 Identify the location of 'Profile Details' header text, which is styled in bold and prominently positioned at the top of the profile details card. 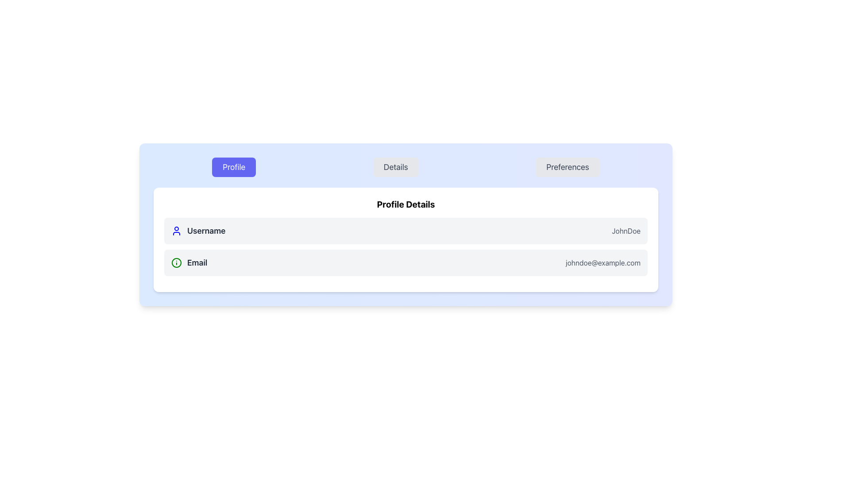
(405, 204).